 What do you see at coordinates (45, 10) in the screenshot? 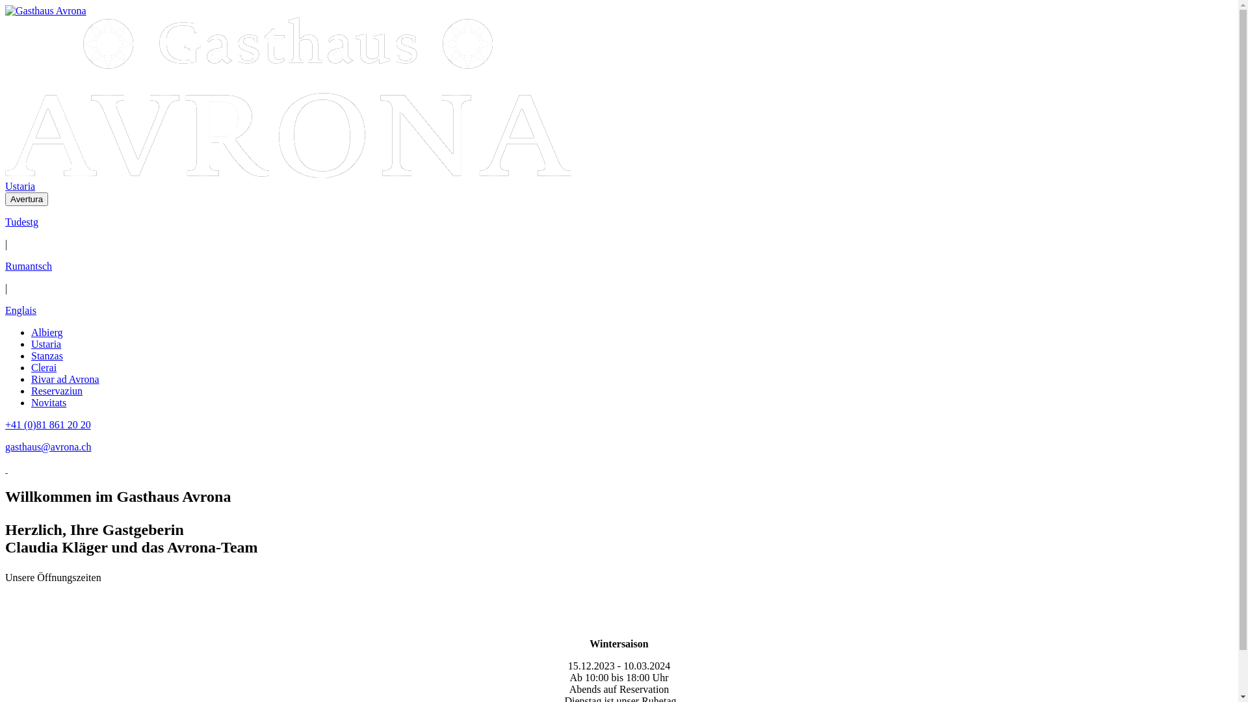
I see `'app.logo'` at bounding box center [45, 10].